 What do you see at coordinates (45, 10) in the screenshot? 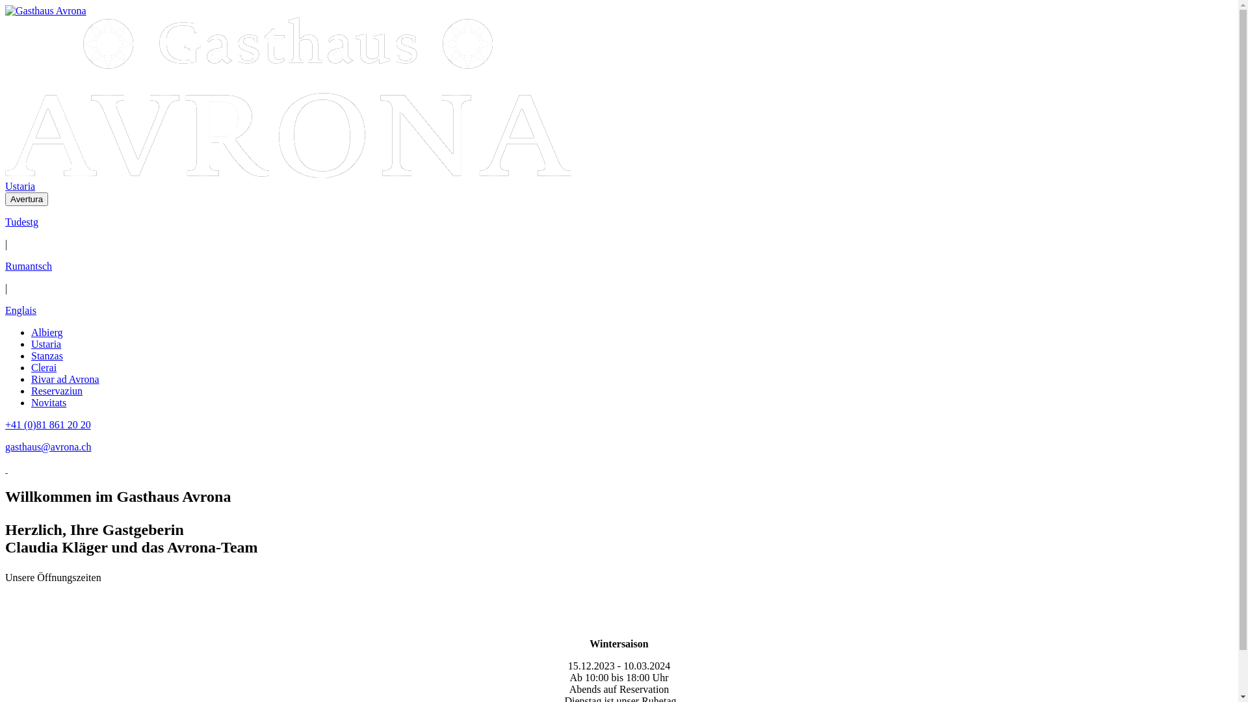
I see `'app.logo'` at bounding box center [45, 10].